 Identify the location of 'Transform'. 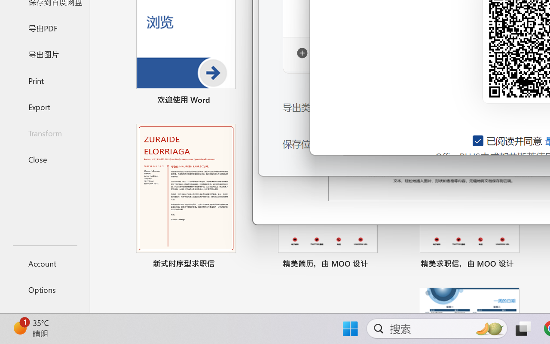
(44, 132).